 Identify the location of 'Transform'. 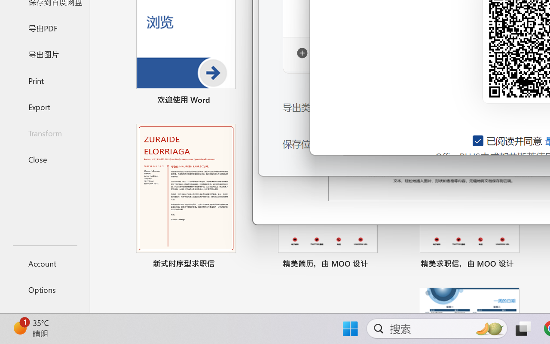
(44, 132).